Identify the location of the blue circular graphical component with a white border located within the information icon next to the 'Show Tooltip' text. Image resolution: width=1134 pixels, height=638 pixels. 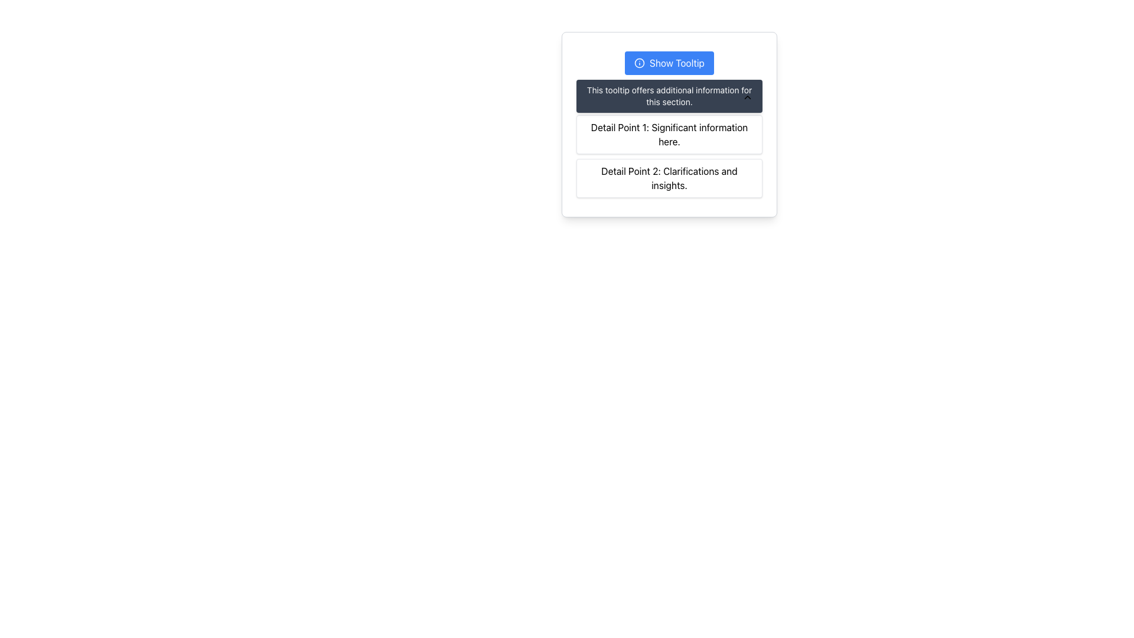
(639, 63).